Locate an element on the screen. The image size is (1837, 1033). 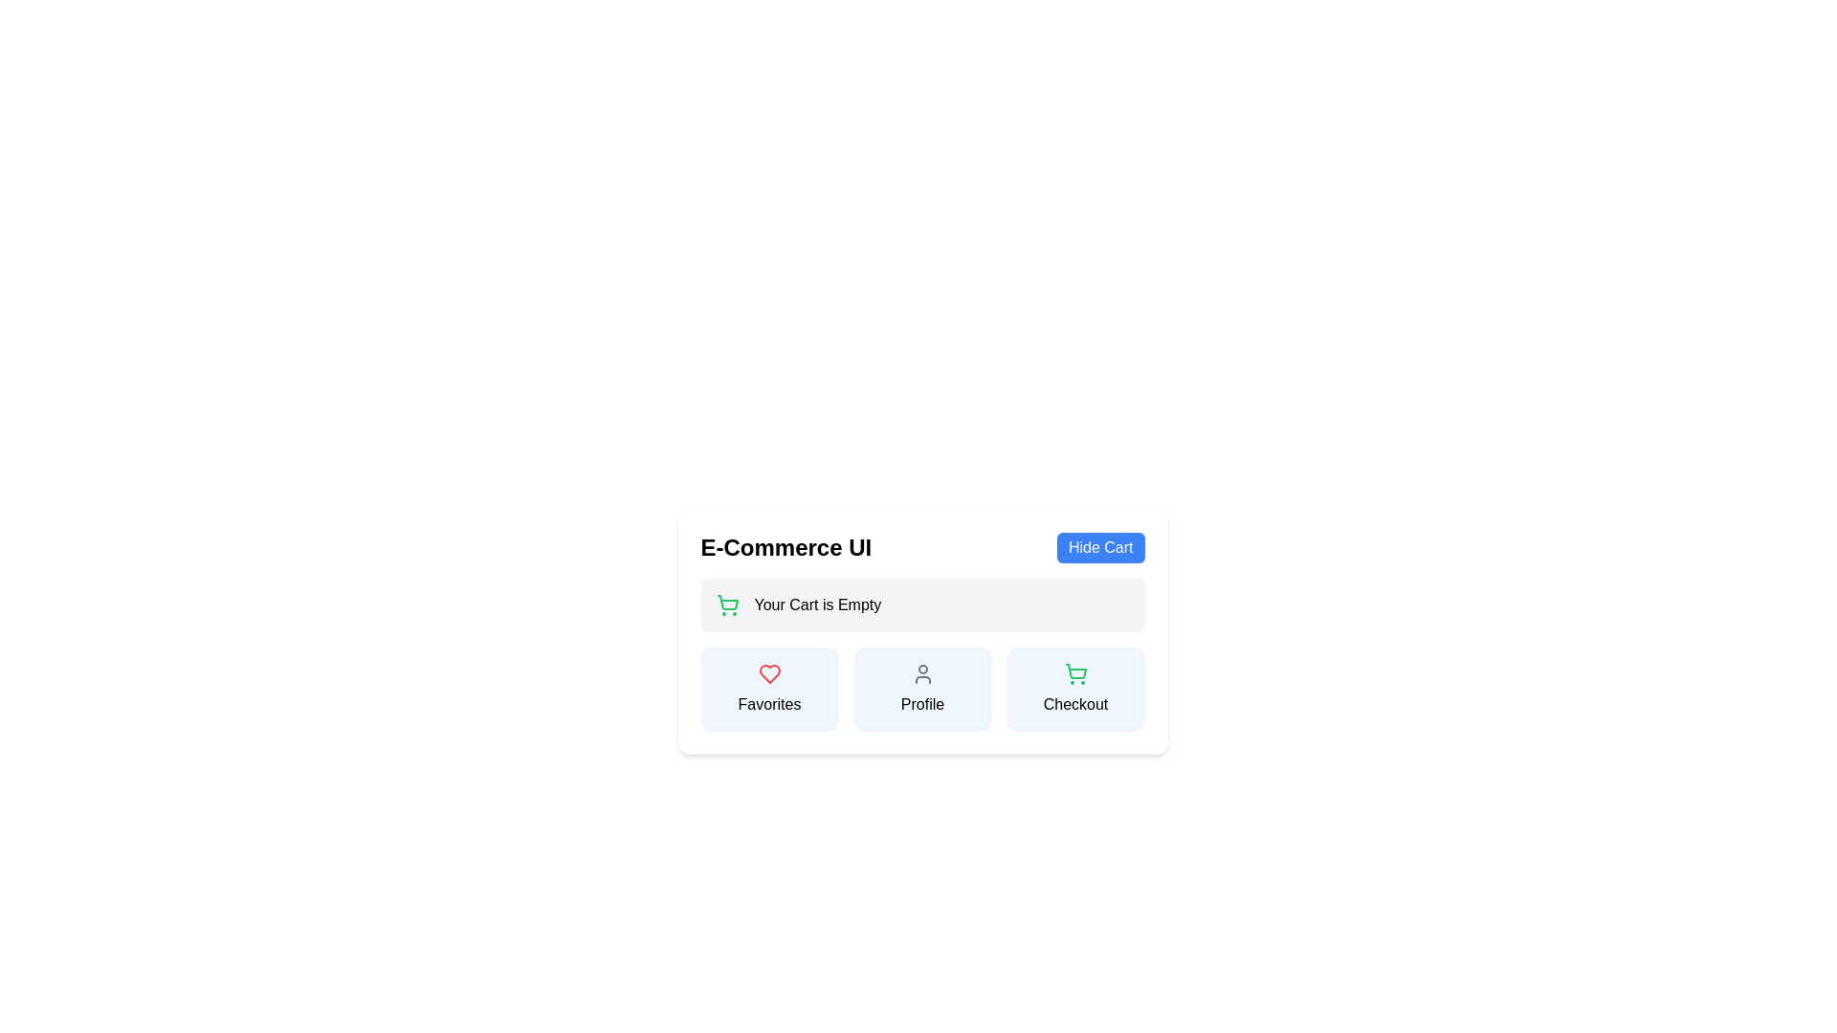
red heart-shaped icon representing the 'Favorites' function, which is centrally located above the 'Favorites' text label in the bottom-left corner of the interface is located at coordinates (769, 673).